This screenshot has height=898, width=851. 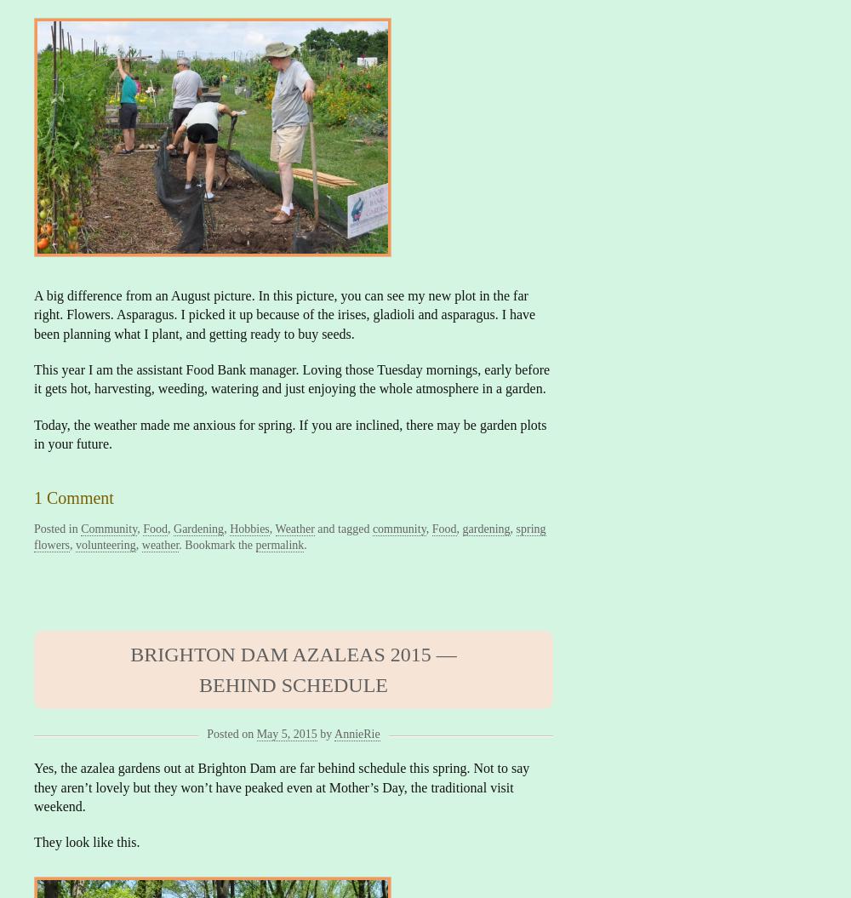 What do you see at coordinates (197, 528) in the screenshot?
I see `'Gardening'` at bounding box center [197, 528].